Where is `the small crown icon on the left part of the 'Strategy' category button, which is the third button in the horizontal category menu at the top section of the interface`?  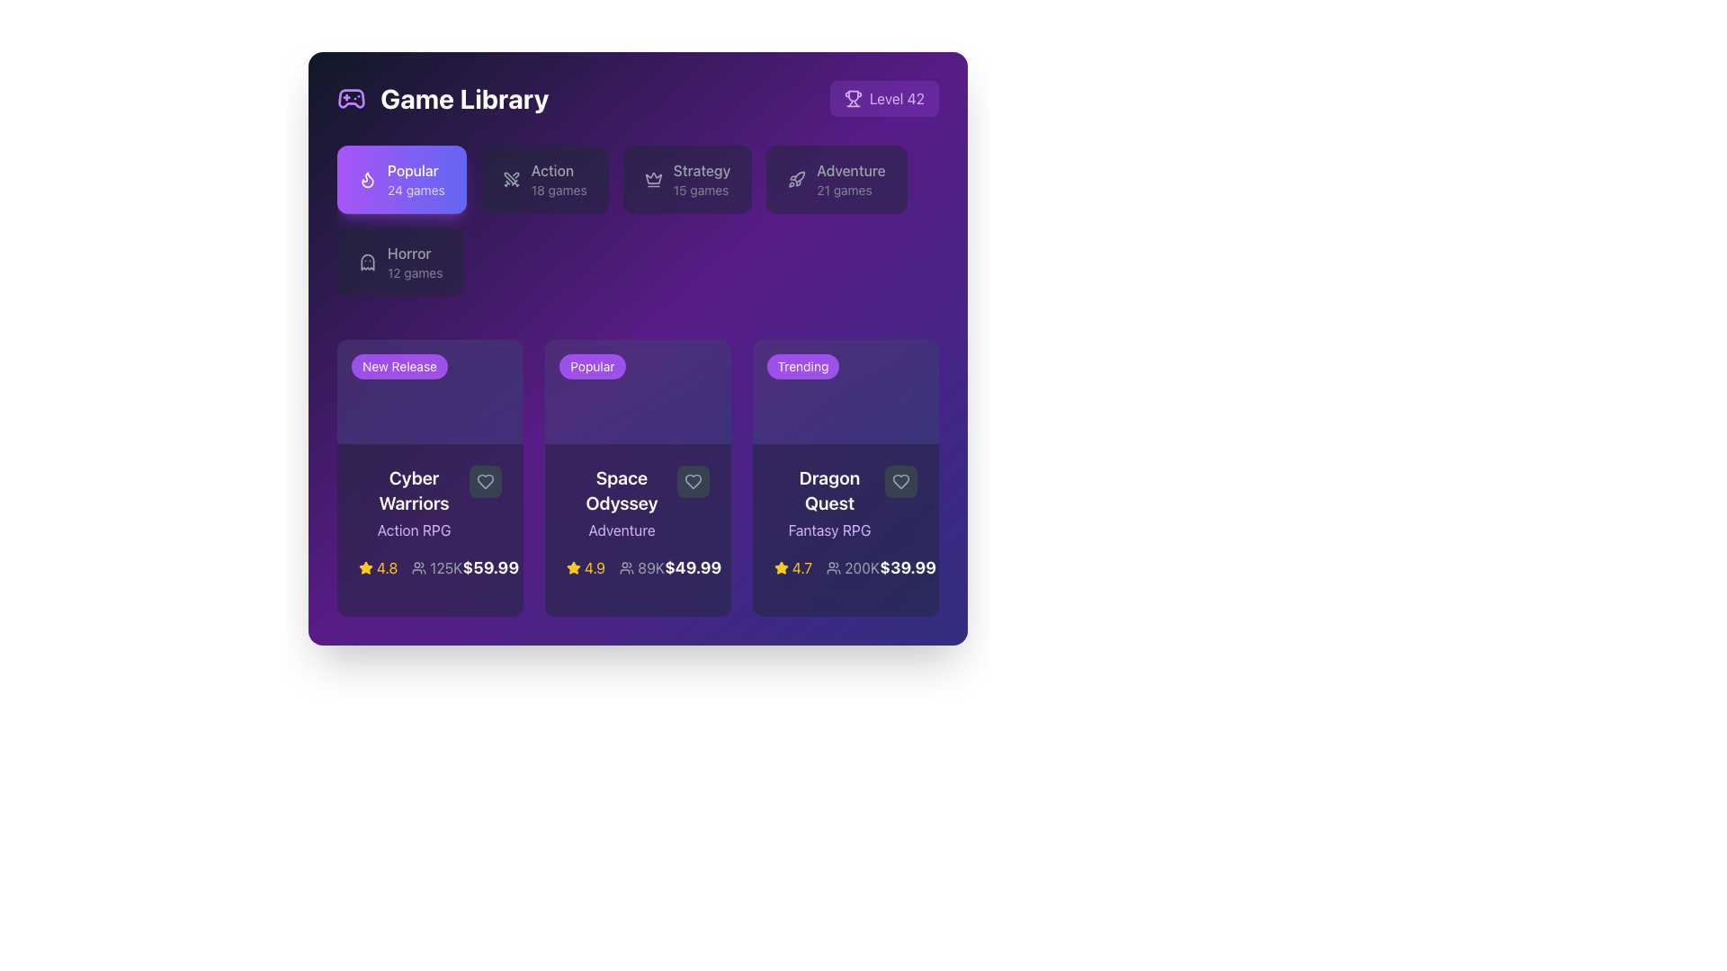
the small crown icon on the left part of the 'Strategy' category button, which is the third button in the horizontal category menu at the top section of the interface is located at coordinates (652, 180).